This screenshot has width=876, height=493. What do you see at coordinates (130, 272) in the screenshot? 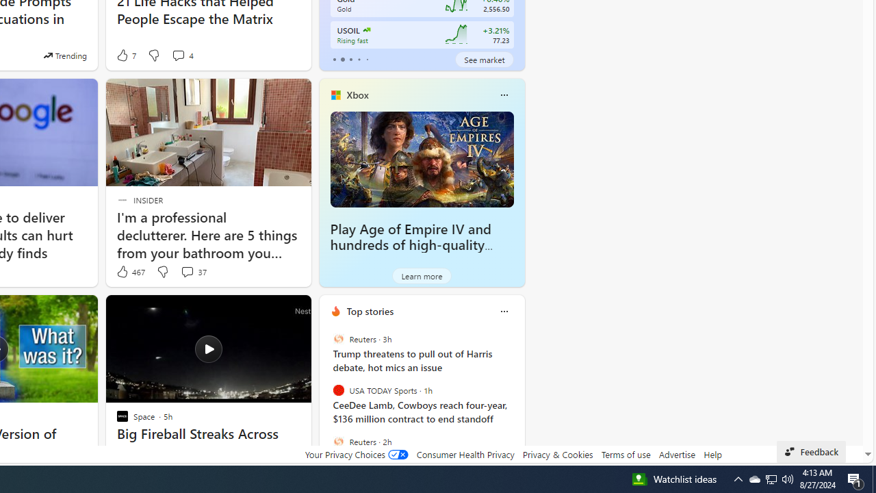
I see `'467 Like'` at bounding box center [130, 272].